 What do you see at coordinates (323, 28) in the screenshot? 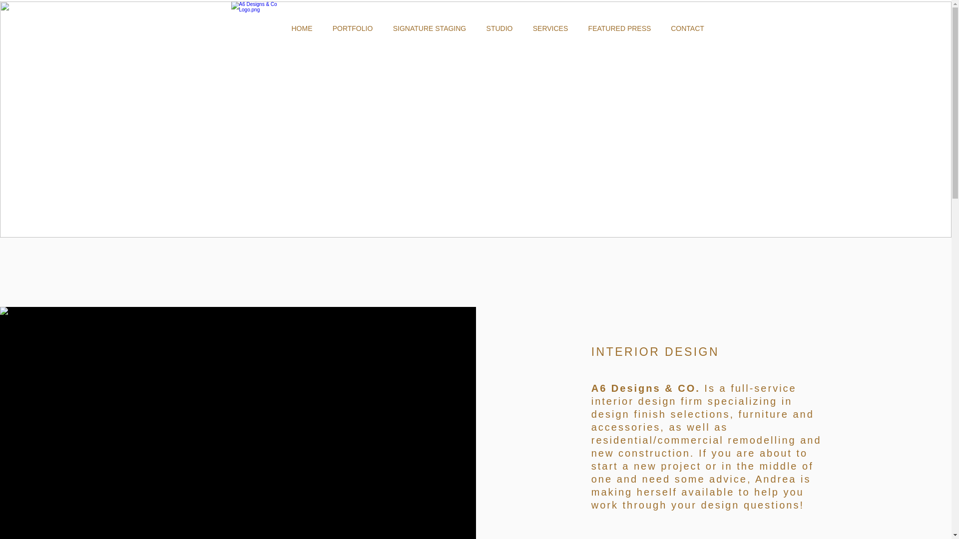
I see `'PORTFOLIO'` at bounding box center [323, 28].